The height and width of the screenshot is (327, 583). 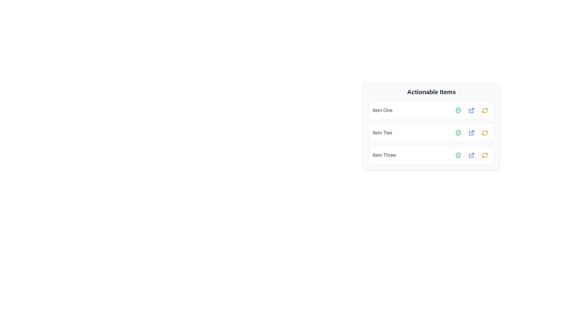 I want to click on the refresh button located in the last column of the first row of the 'Actionable Items' table for 'Item One' to reload its information, so click(x=485, y=111).